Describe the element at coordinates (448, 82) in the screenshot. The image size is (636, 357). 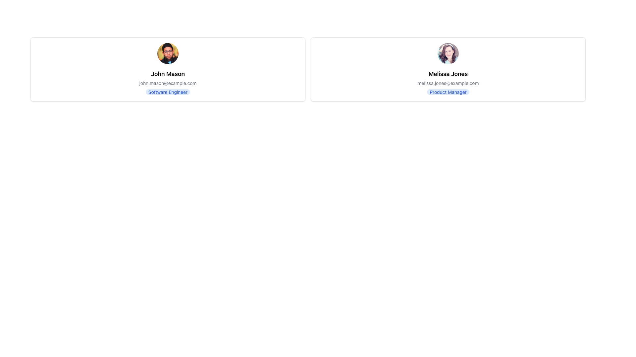
I see `the role badge labeled 'Product Manager' in the informative text block of Melissa Jones to get more information about the role` at that location.